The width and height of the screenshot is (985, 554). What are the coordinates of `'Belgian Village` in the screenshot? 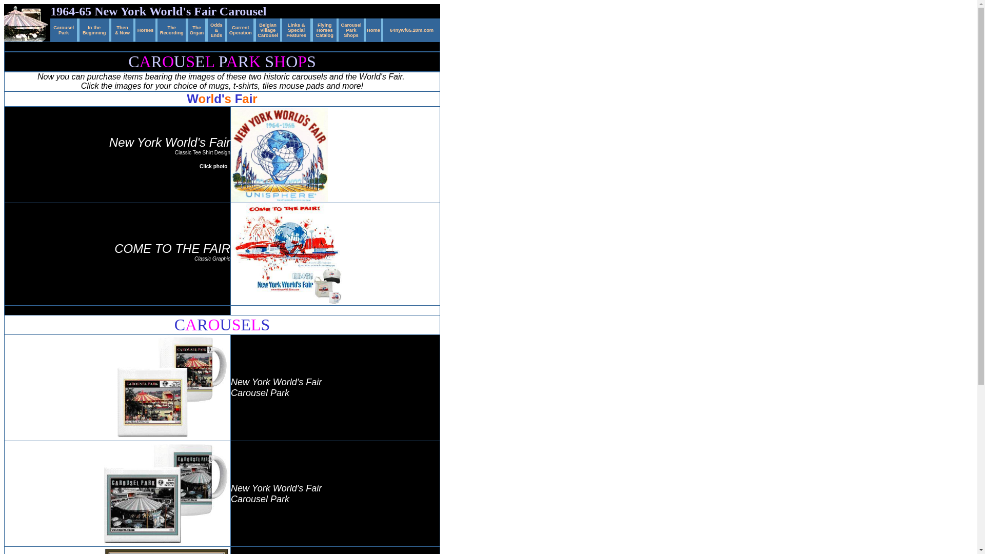 It's located at (268, 28).